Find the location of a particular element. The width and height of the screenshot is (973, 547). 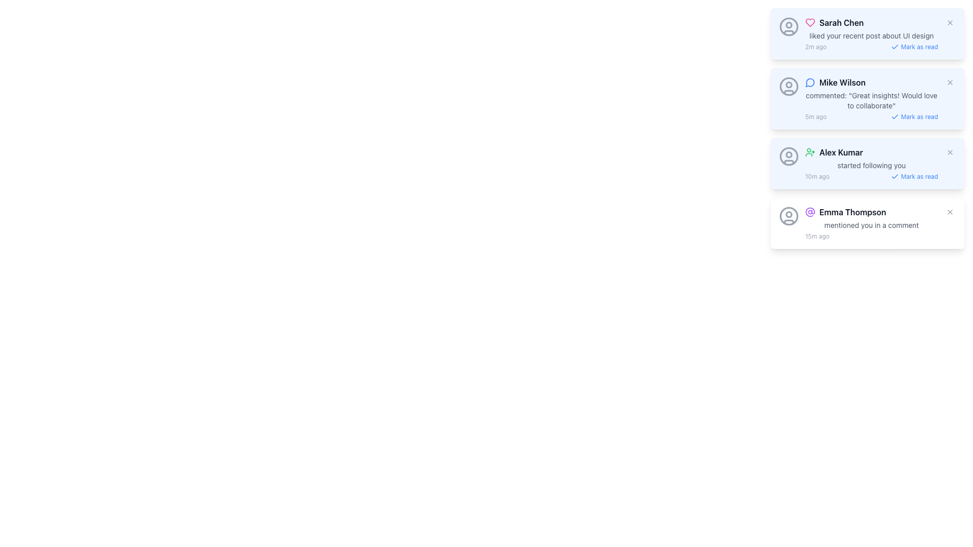

the text label displaying 'Mike Wilson' which is prominently styled in bold dark gray within a notification card located in the second position of a vertical list is located at coordinates (842, 82).